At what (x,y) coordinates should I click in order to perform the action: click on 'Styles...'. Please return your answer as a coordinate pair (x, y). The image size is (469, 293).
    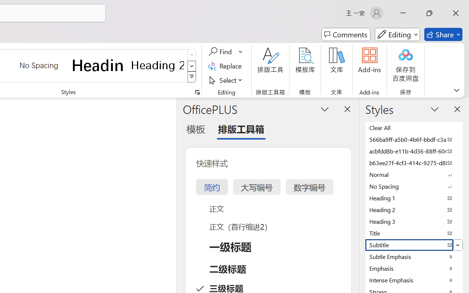
    Looking at the image, I should click on (197, 92).